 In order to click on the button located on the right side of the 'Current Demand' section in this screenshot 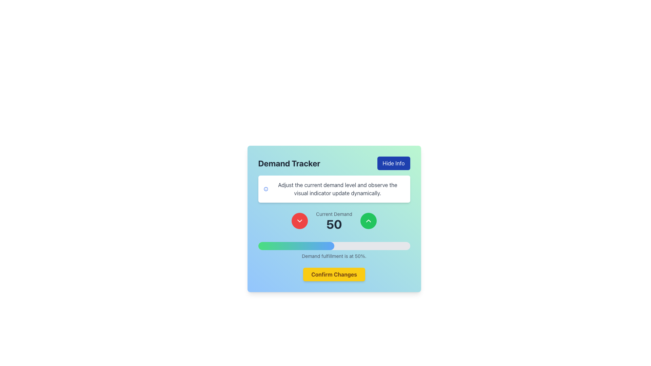, I will do `click(368, 221)`.